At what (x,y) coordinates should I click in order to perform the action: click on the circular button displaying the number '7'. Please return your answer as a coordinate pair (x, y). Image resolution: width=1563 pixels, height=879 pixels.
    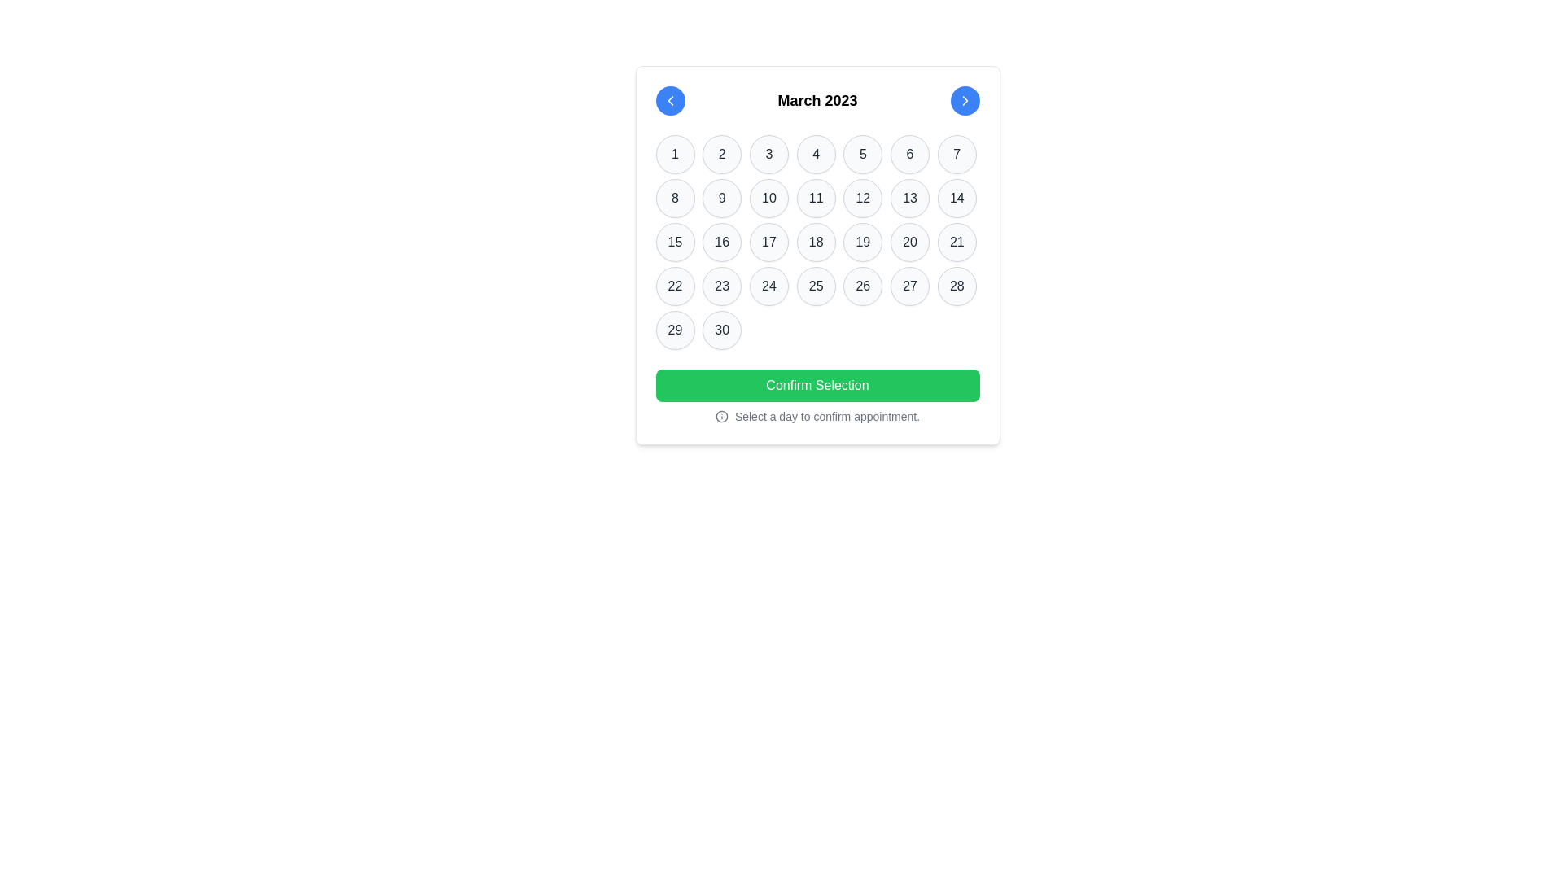
    Looking at the image, I should click on (957, 154).